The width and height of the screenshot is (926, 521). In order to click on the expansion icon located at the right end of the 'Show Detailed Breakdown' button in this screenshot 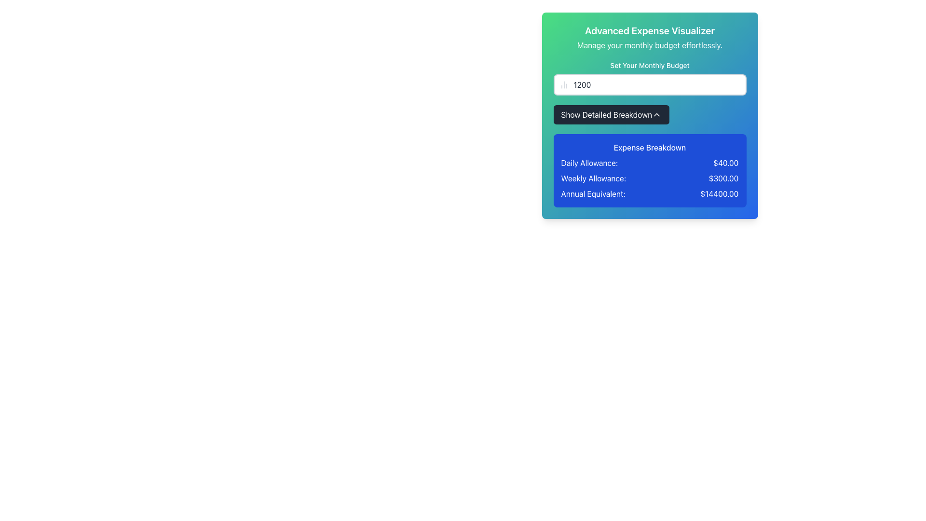, I will do `click(656, 114)`.